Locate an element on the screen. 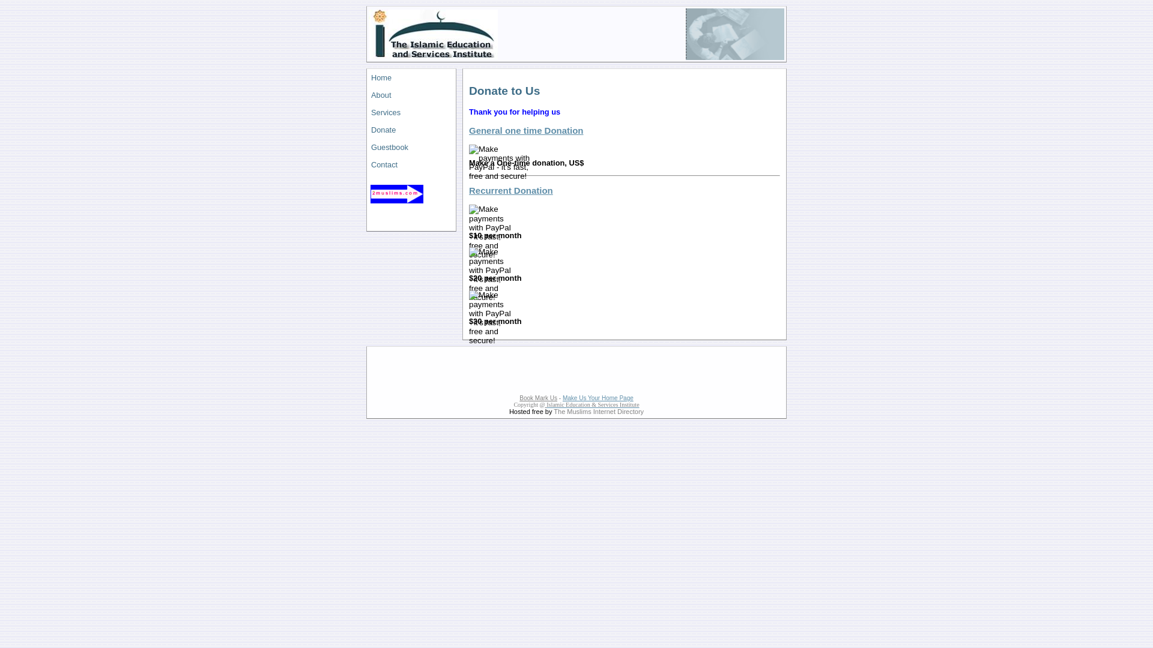 The height and width of the screenshot is (648, 1153). 'About' is located at coordinates (366, 94).